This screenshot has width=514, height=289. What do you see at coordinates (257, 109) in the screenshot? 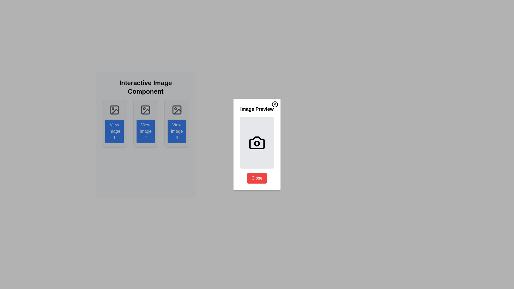
I see `text heading located below the 'Close' icon, which serves as a title for the image preview` at bounding box center [257, 109].